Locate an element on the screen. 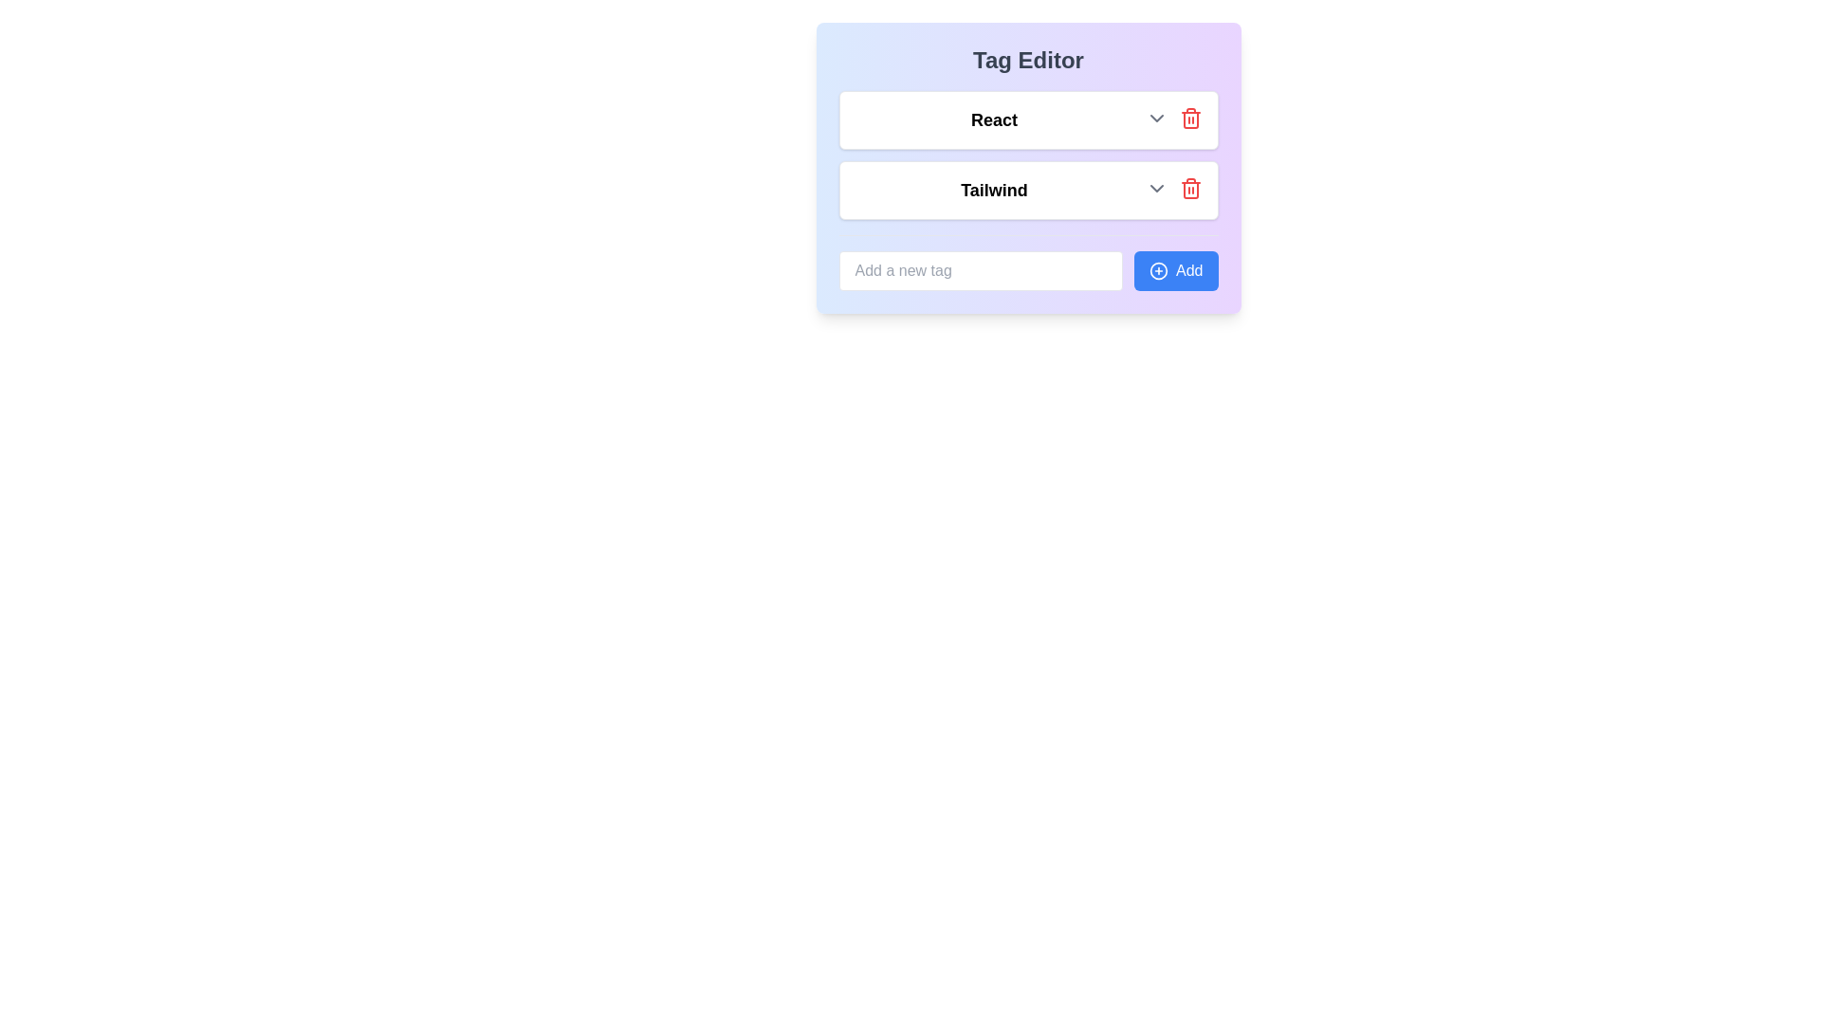 The image size is (1821, 1024). the red trash bin icon located next to the text 'React' is located at coordinates (1189, 118).